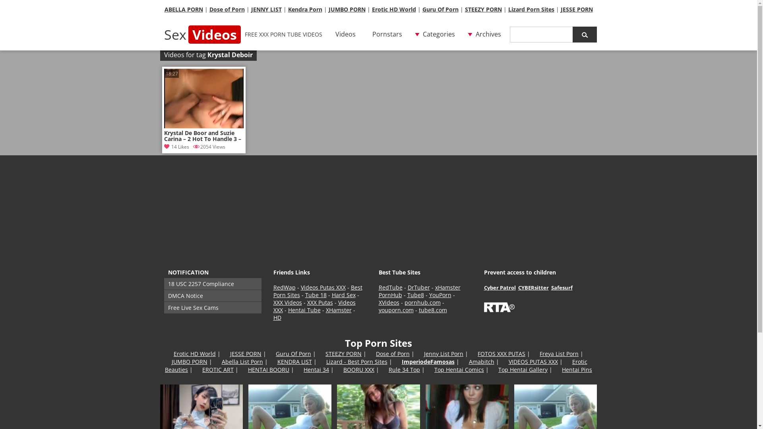 The image size is (763, 429). Describe the element at coordinates (221, 361) in the screenshot. I see `'Abella List Porn'` at that location.